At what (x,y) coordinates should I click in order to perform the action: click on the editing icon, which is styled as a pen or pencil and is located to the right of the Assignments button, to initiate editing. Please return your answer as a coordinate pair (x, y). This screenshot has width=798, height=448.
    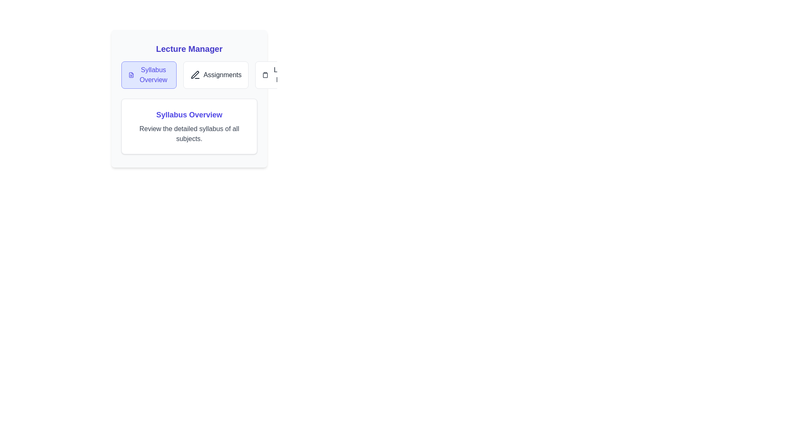
    Looking at the image, I should click on (195, 75).